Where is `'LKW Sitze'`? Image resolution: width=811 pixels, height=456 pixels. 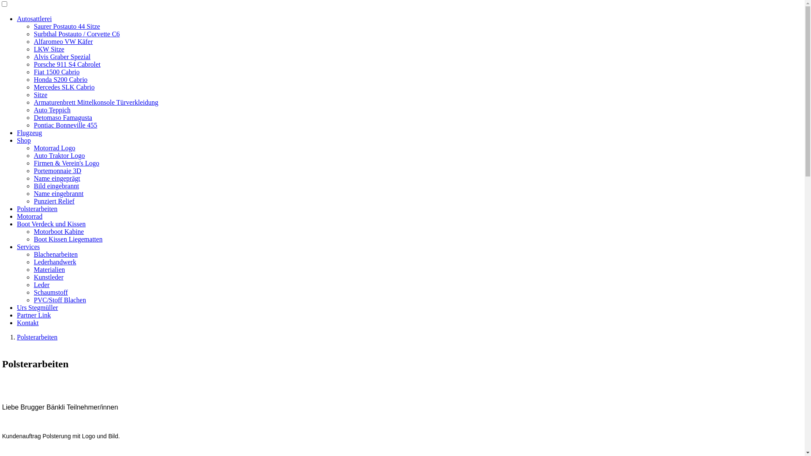 'LKW Sitze' is located at coordinates (48, 49).